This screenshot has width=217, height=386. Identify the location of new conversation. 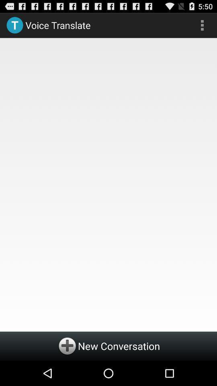
(108, 345).